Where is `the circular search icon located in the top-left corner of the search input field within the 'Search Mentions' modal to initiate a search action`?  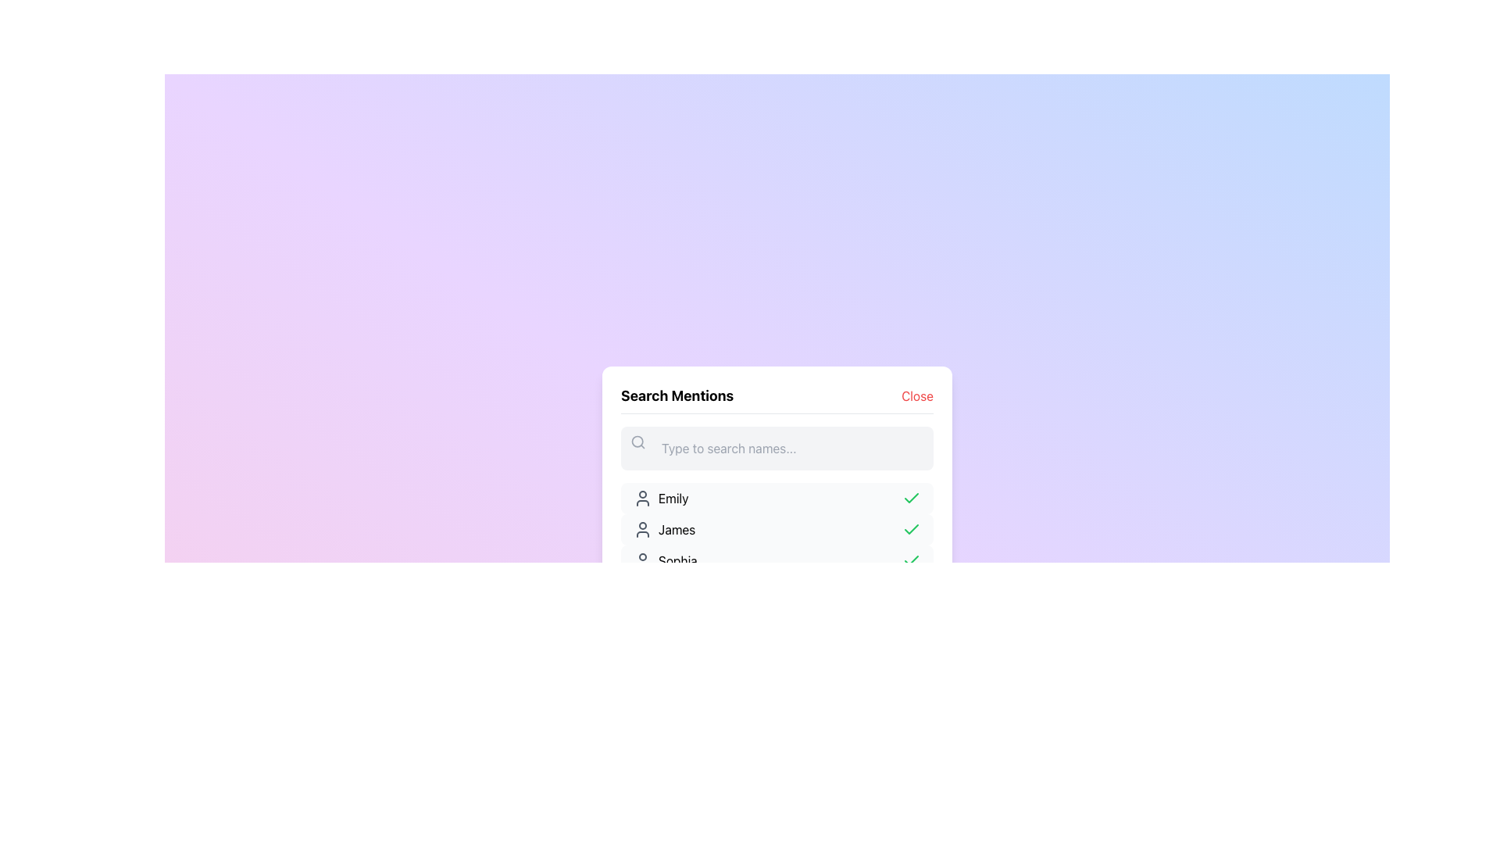
the circular search icon located in the top-left corner of the search input field within the 'Search Mentions' modal to initiate a search action is located at coordinates (637, 441).